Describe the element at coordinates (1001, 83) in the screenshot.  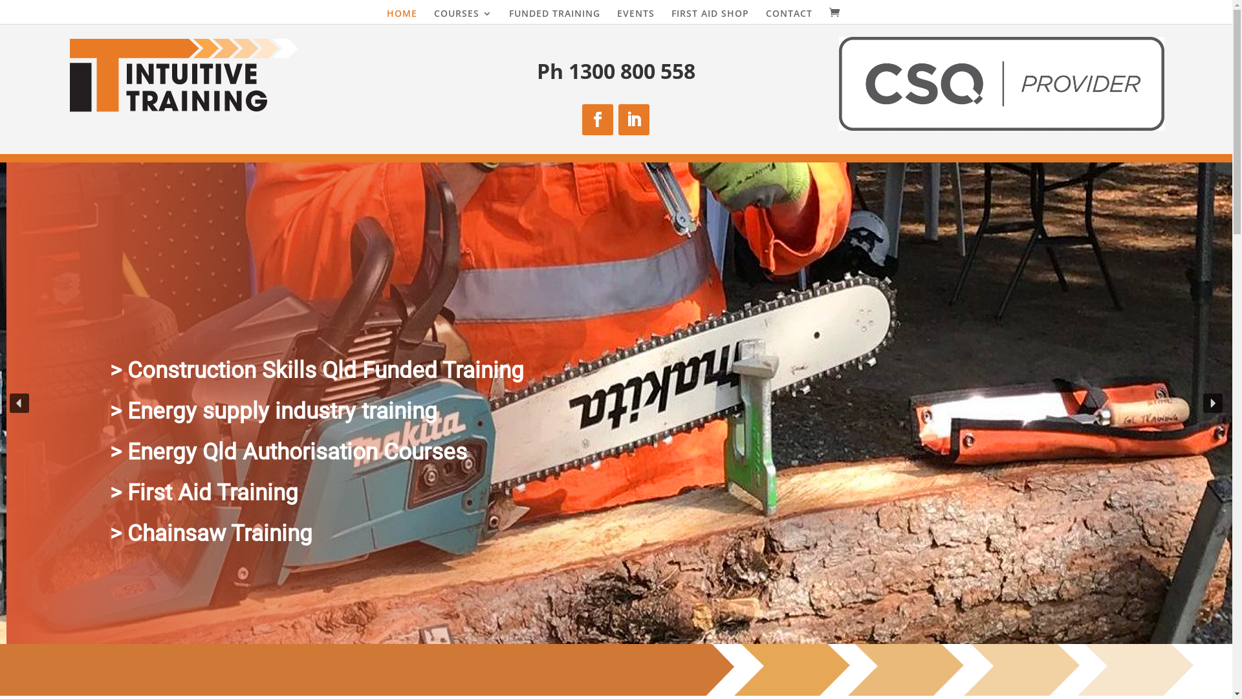
I see `'CSQ-Partner-logo_secondary CMYK'` at that location.